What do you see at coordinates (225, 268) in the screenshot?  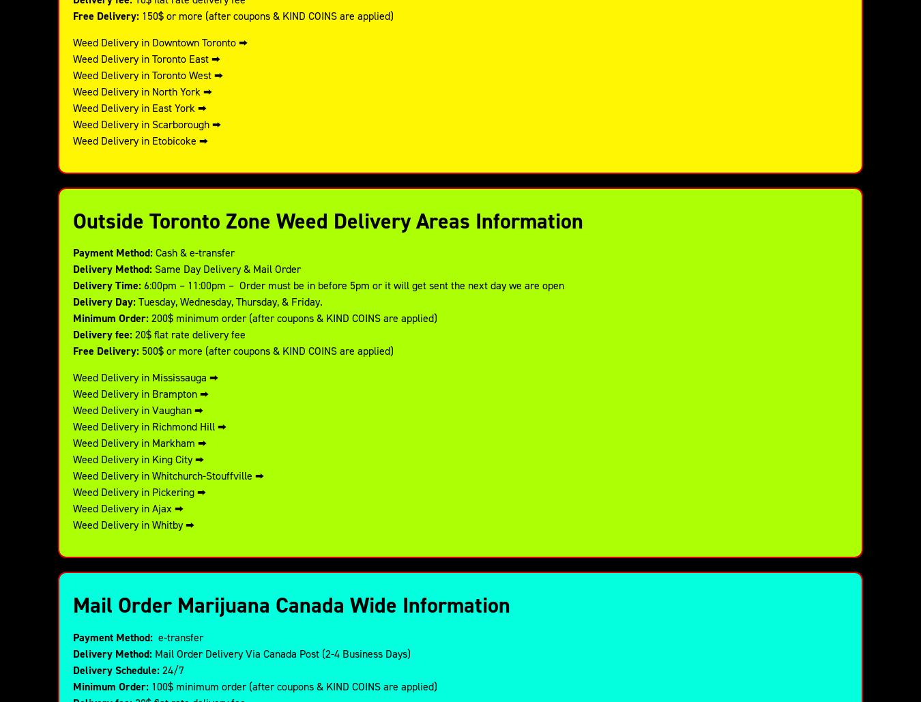 I see `'Same Day Delivery & Mail Order'` at bounding box center [225, 268].